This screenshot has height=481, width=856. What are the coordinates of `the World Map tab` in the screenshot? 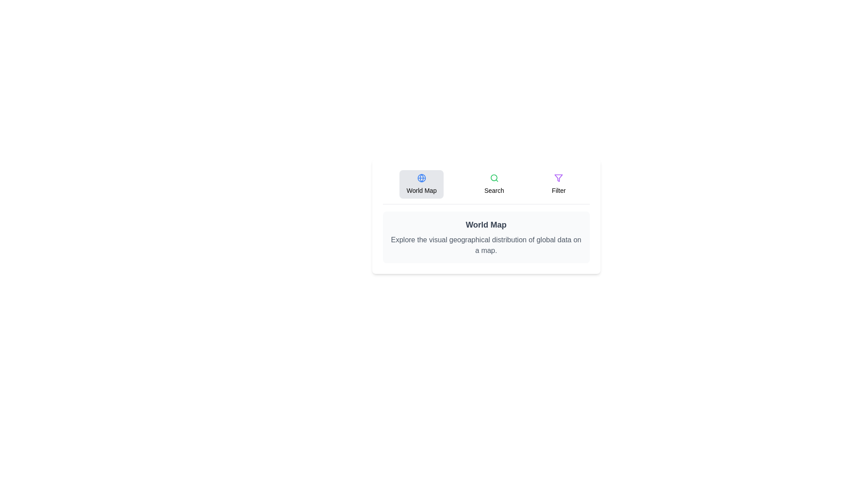 It's located at (421, 183).